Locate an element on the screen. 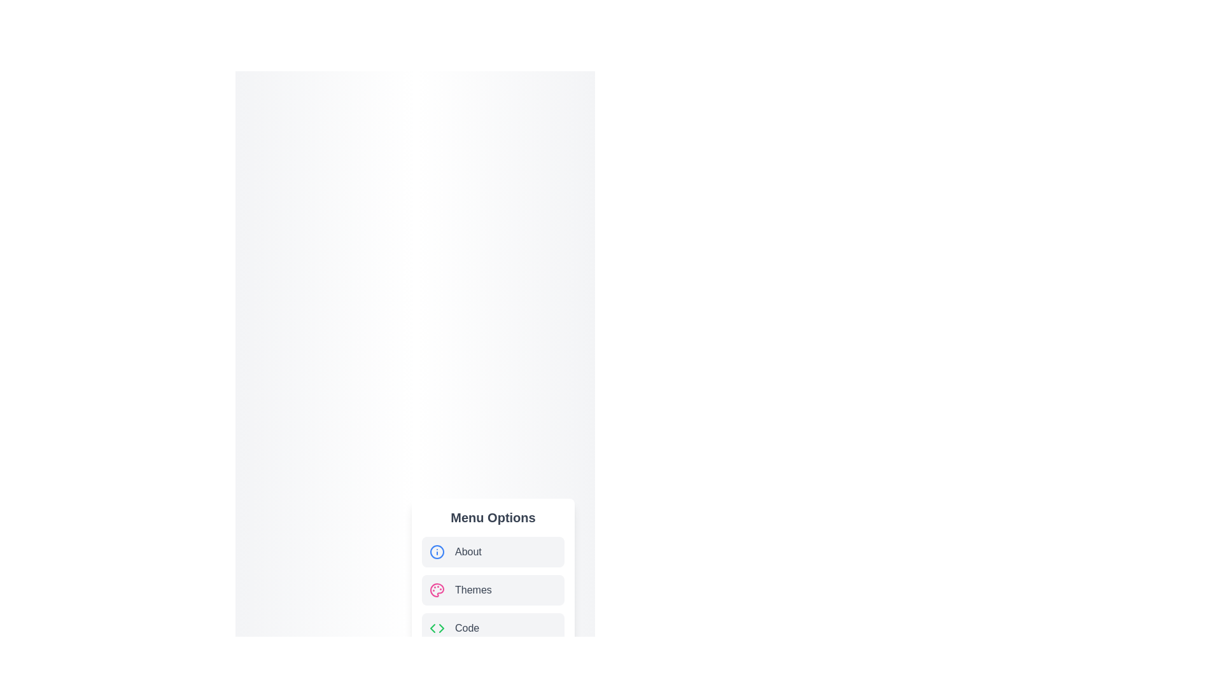  the 'Menu Options' text label, which is styled in bold and large font, positioned above the interactive menu items is located at coordinates (492, 517).